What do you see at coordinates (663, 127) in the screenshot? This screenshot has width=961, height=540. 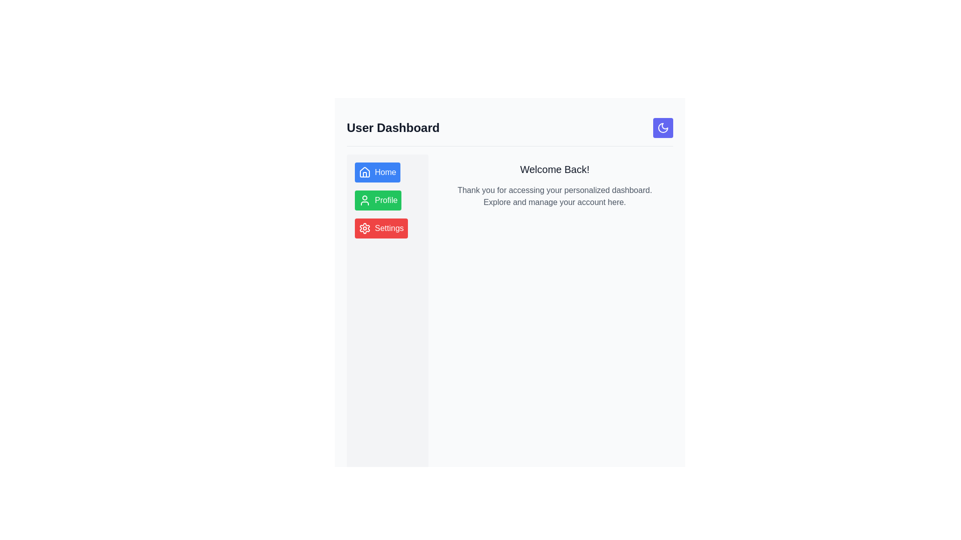 I see `the crescent moon icon located at the top-right corner of the user interface inside a square button` at bounding box center [663, 127].